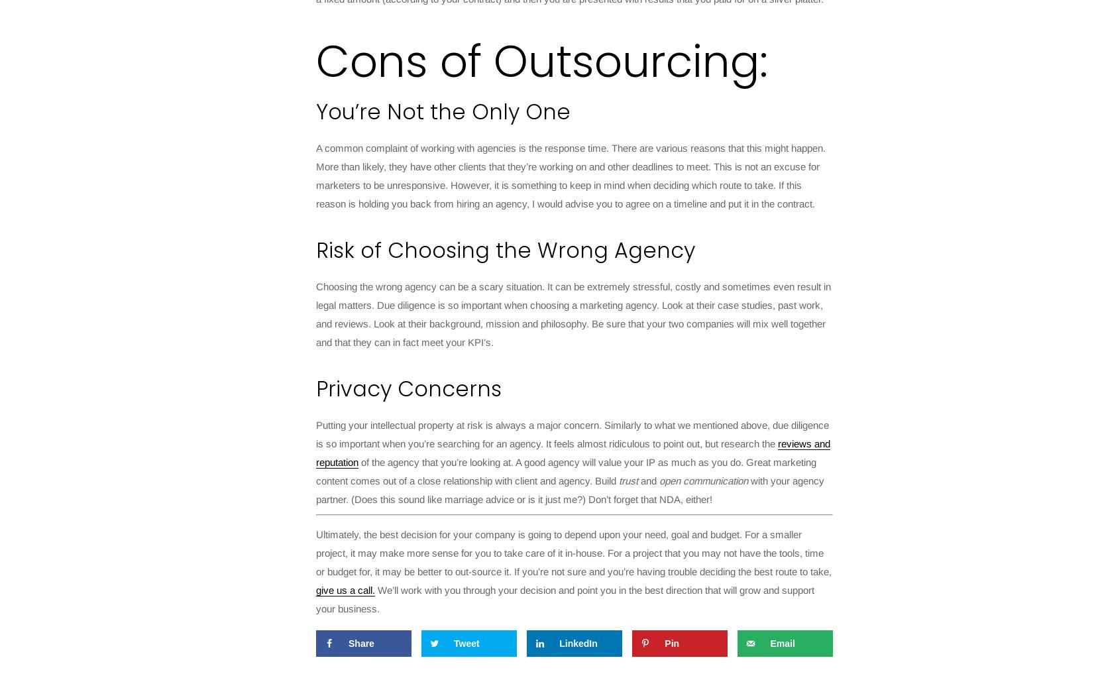  Describe the element at coordinates (569, 490) in the screenshot. I see `'with your agency partner. (Does this sound like marriage advice or is it just me?) Don’t forget that NDA, either!'` at that location.